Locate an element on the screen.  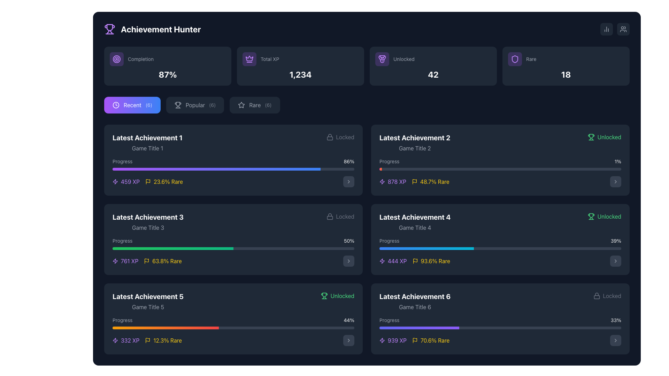
the energy/activity icon located near the bottom-right corner of the interface, beneath the 'Unlocked' status marker of 'Latest Achievement 4' is located at coordinates (382, 261).